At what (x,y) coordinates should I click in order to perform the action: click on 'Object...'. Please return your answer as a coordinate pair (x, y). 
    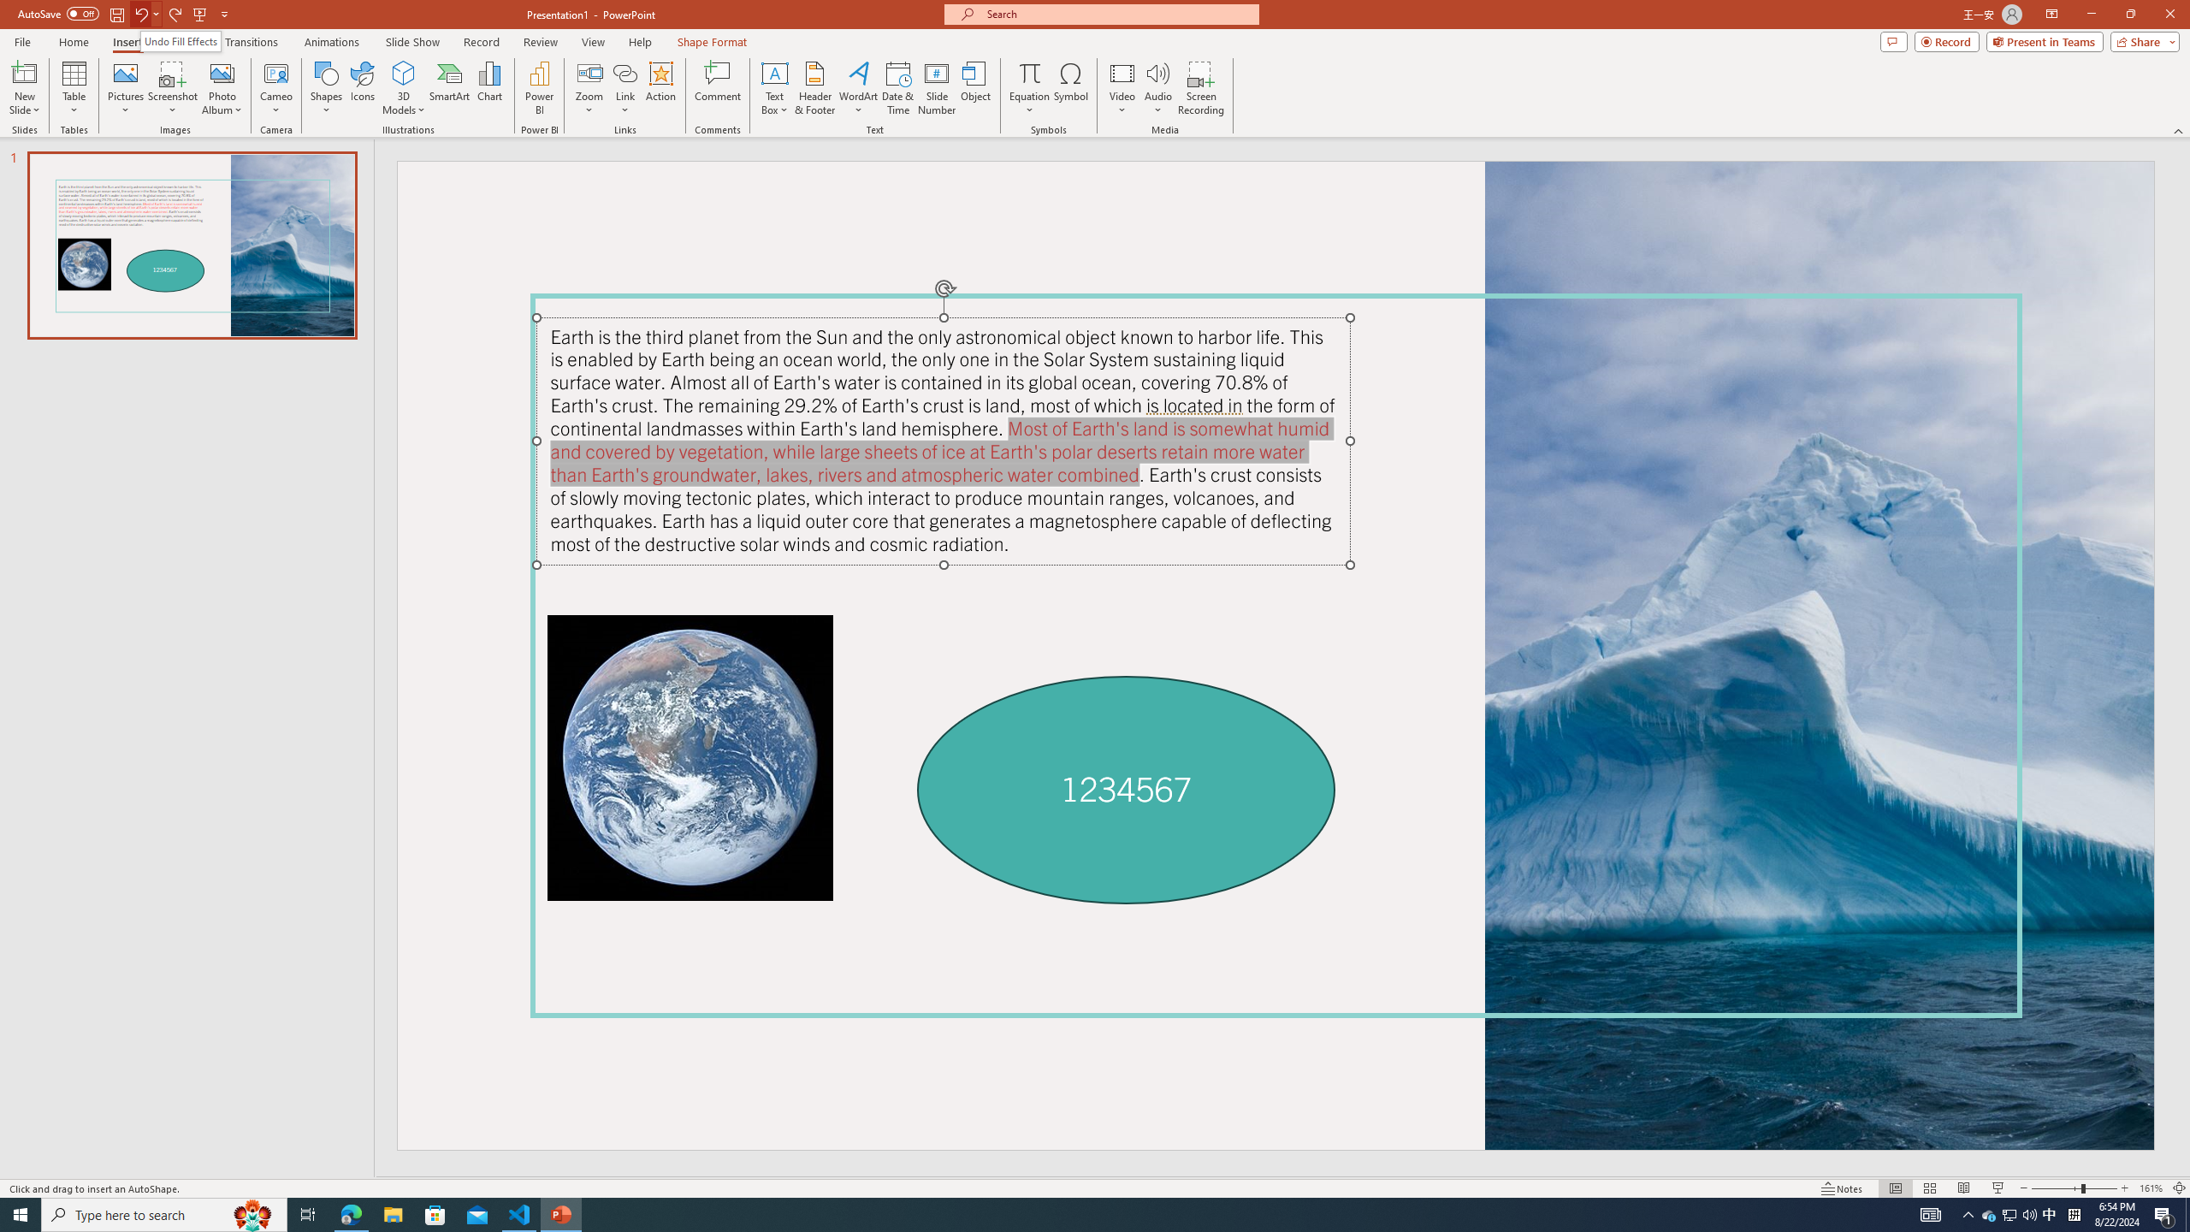
    Looking at the image, I should click on (976, 88).